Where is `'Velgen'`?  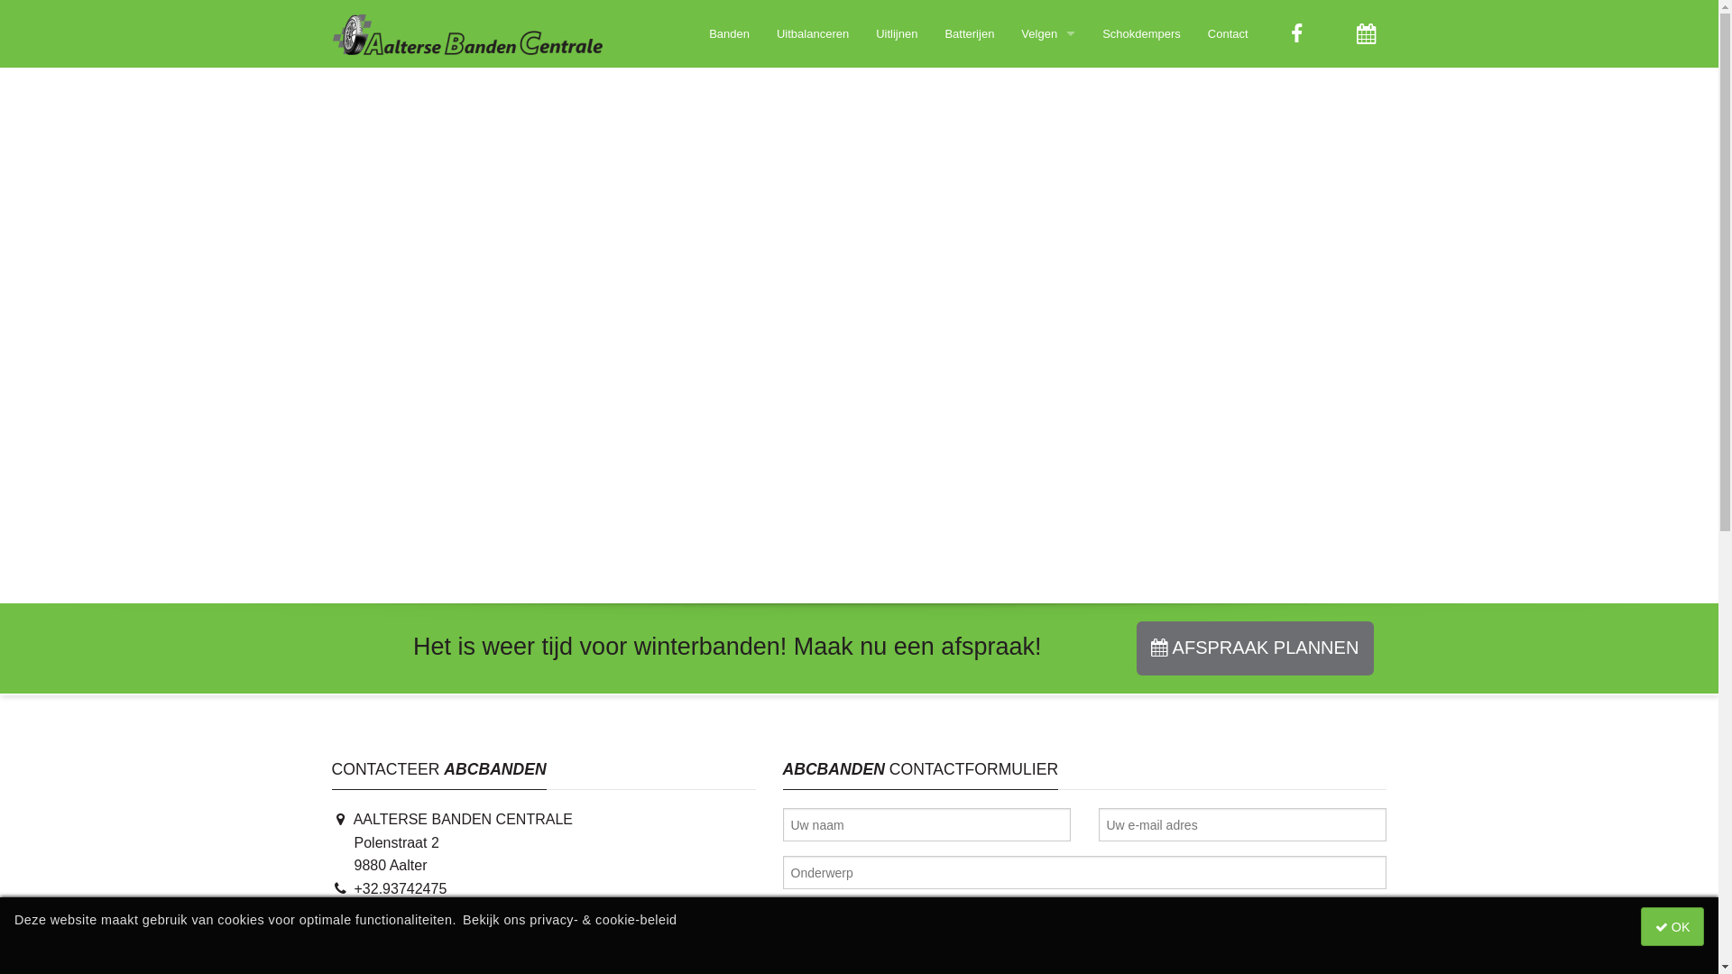 'Velgen' is located at coordinates (1047, 33).